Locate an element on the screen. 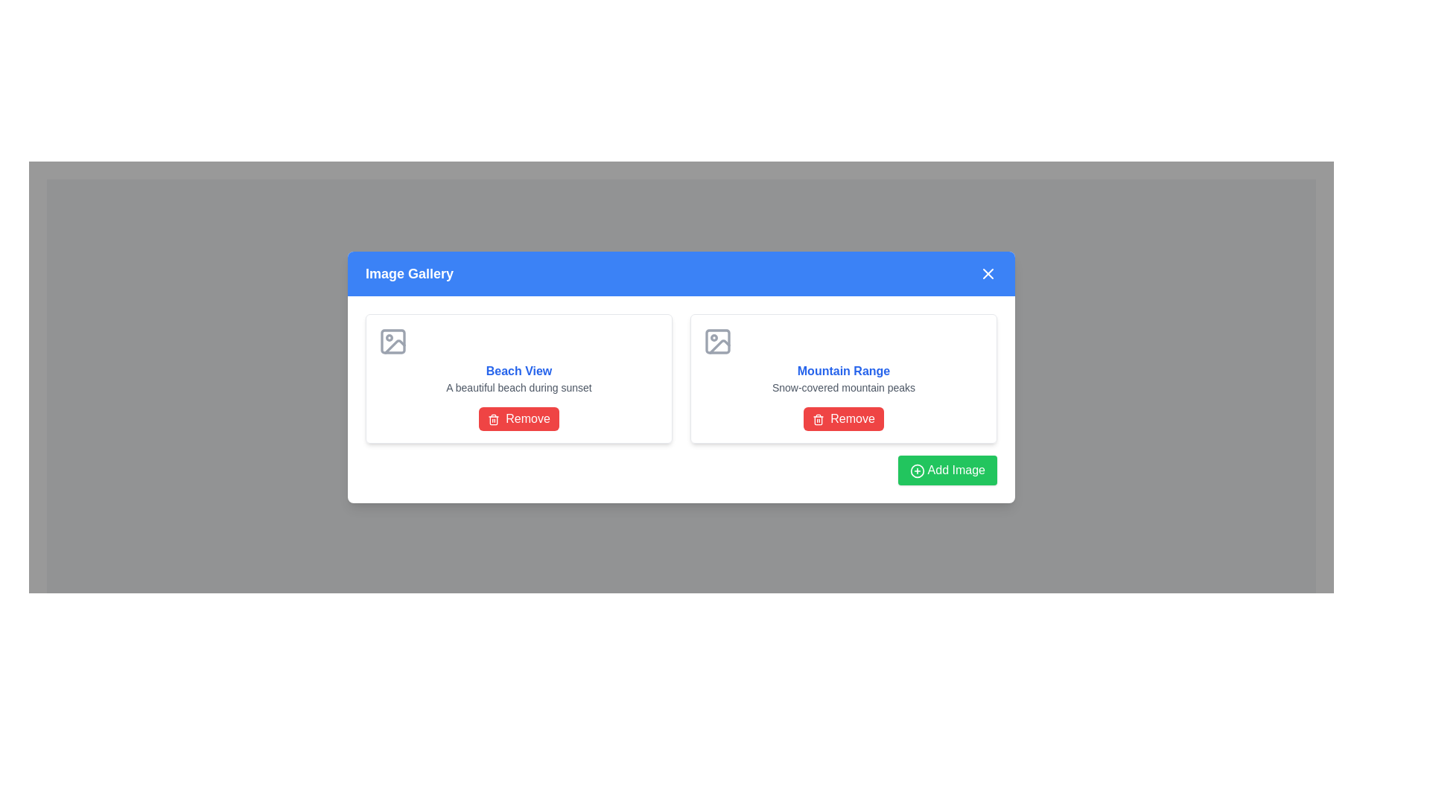 Image resolution: width=1430 pixels, height=804 pixels. the red 'Remove' button with white text and a trash can icon, located at the bottom of the 'Beach View' card is located at coordinates (518, 419).